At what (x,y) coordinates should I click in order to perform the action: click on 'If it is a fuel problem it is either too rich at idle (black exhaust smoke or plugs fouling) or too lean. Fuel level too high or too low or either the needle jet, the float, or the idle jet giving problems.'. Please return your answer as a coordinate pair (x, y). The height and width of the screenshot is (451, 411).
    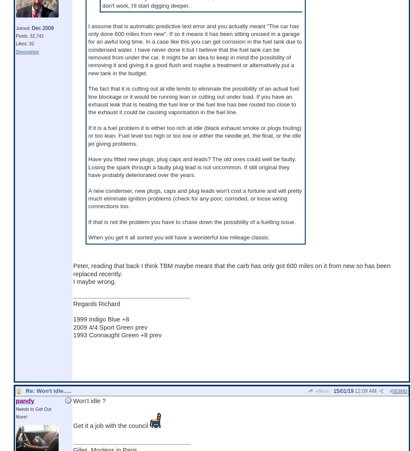
    Looking at the image, I should click on (195, 135).